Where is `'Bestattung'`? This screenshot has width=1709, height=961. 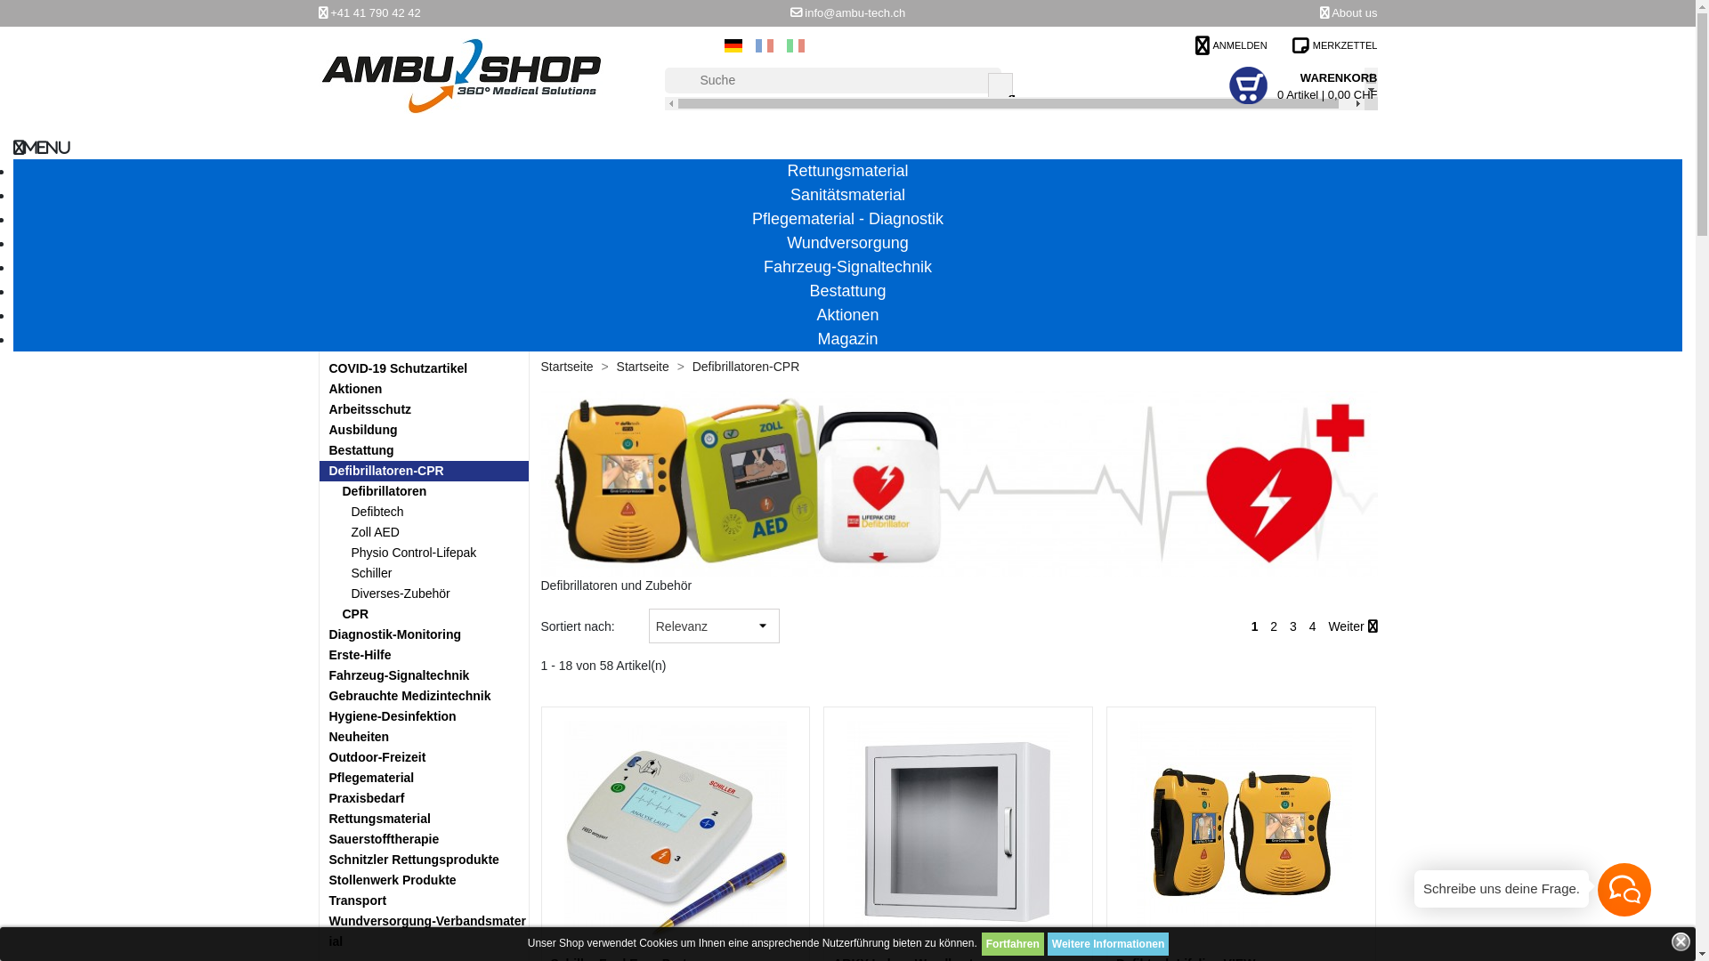
'Bestattung' is located at coordinates (807, 289).